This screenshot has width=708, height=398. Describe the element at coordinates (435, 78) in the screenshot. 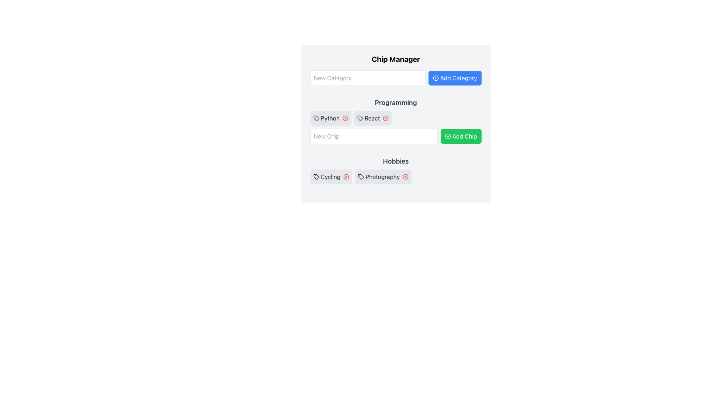

I see `the icon indicating the operation of adding a category, which is positioned within the blue 'Add Category' button, located to the right of the 'New Category' input field` at that location.